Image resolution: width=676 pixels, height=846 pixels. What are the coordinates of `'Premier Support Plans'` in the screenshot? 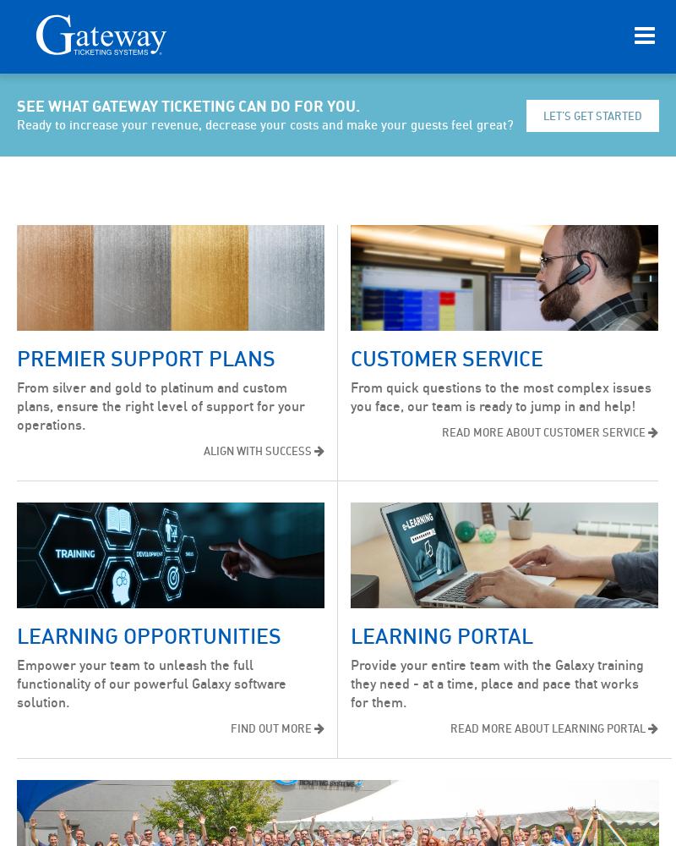 It's located at (144, 358).